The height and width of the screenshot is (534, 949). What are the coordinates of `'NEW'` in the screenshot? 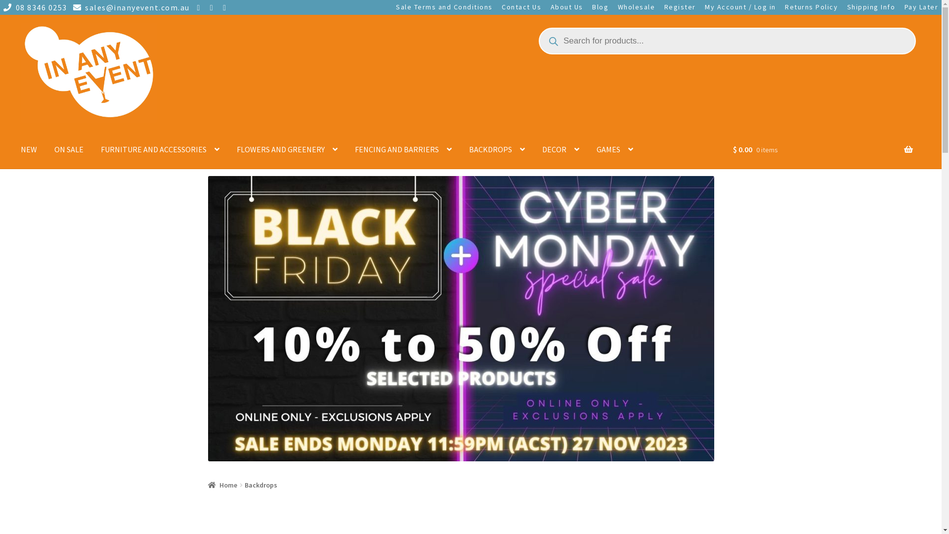 It's located at (29, 149).